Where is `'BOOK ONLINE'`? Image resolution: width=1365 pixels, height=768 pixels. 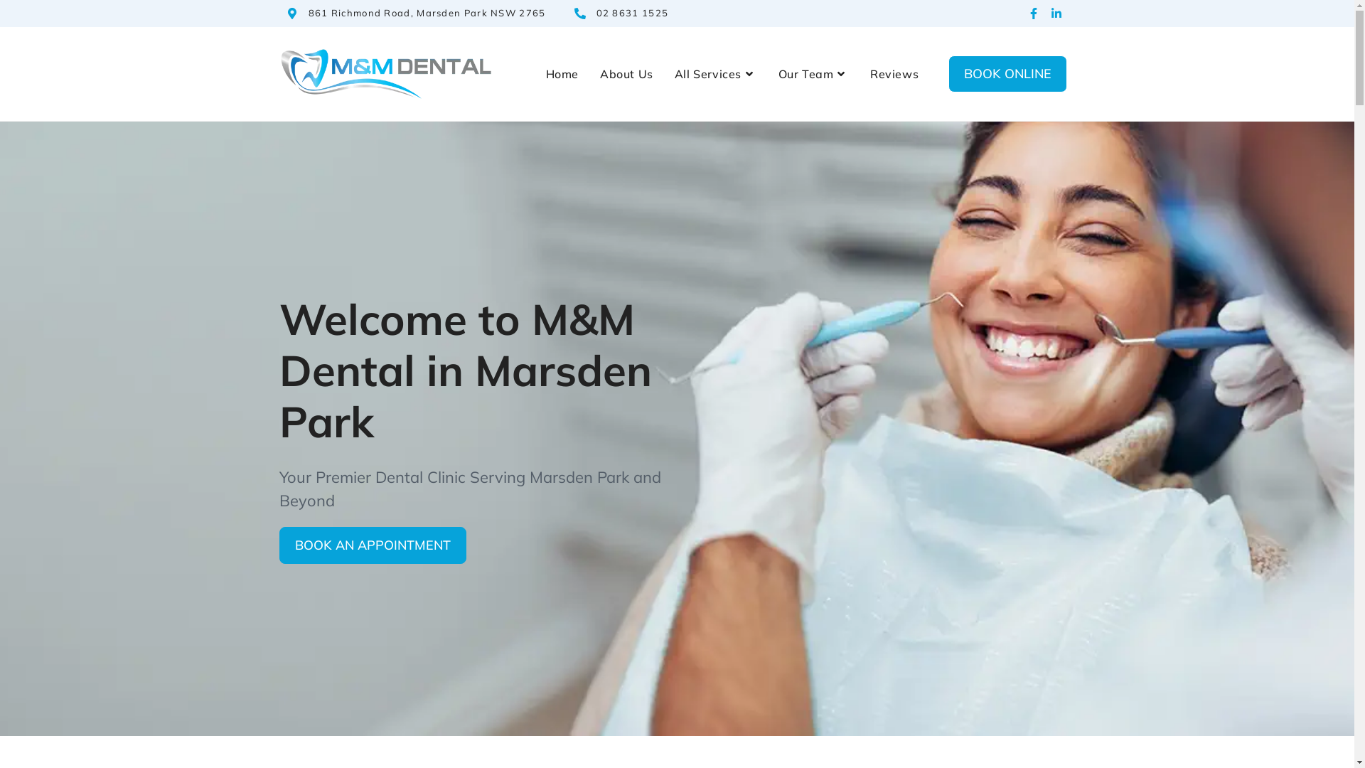
'BOOK ONLINE' is located at coordinates (1007, 74).